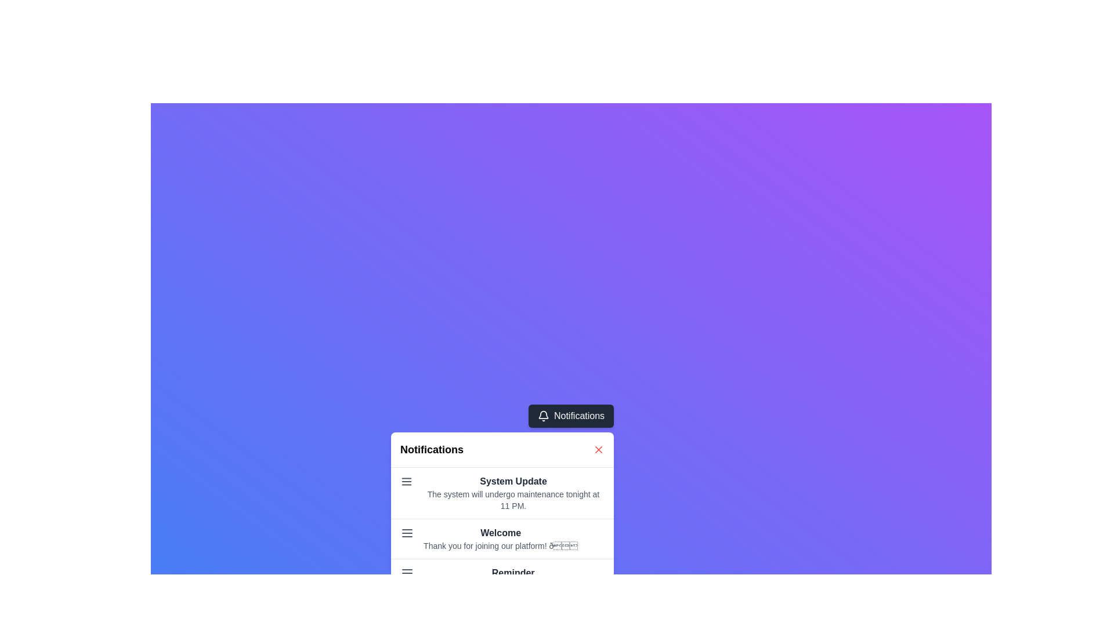  I want to click on the close button located in the top-right corner of the notifications panel header, so click(599, 449).